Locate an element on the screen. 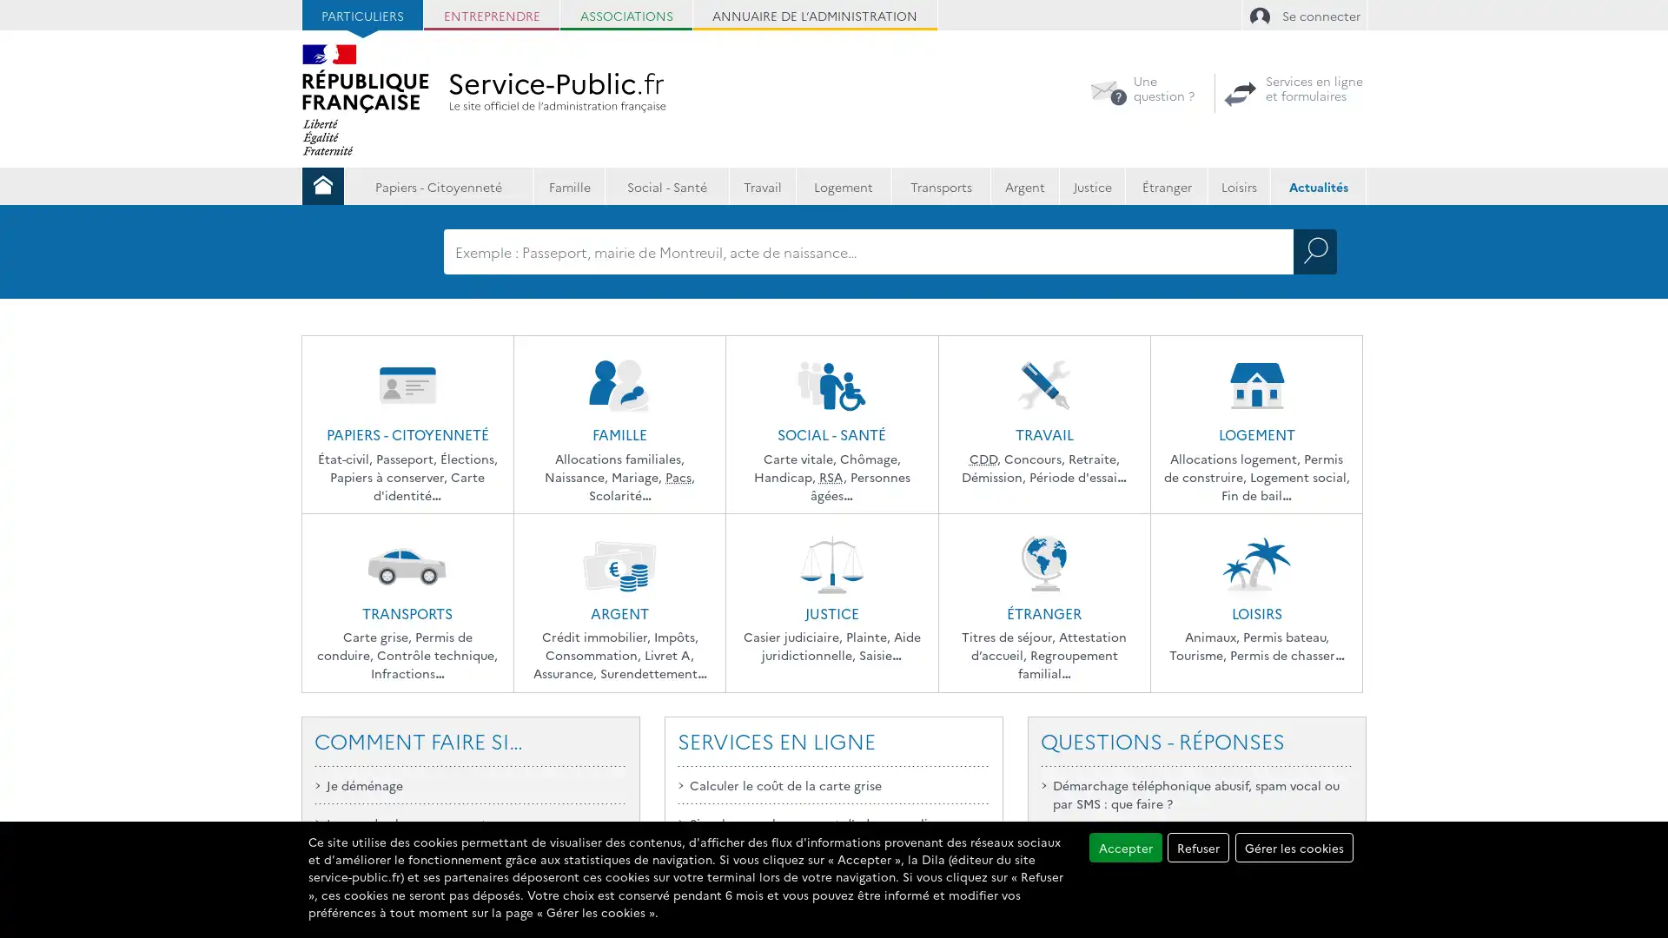 The width and height of the screenshot is (1668, 938). Gerer les cookies is located at coordinates (1294, 846).